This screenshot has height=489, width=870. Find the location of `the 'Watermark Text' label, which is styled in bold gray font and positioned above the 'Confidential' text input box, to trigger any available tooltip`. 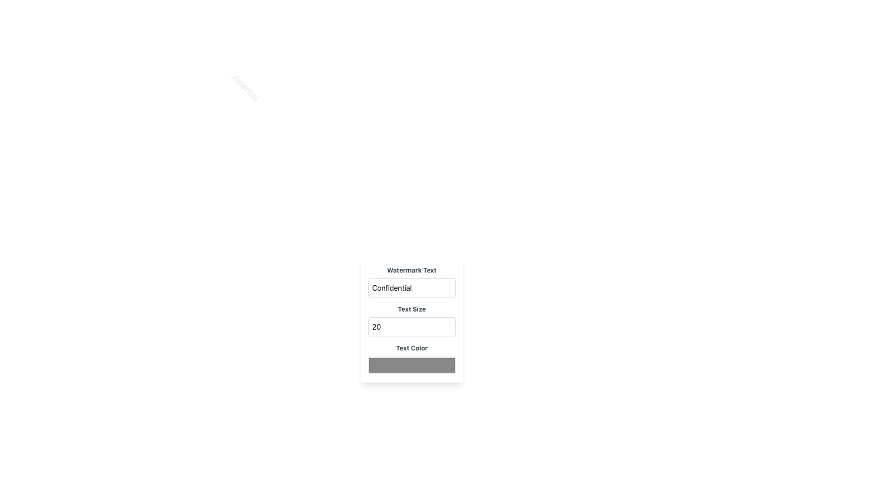

the 'Watermark Text' label, which is styled in bold gray font and positioned above the 'Confidential' text input box, to trigger any available tooltip is located at coordinates (411, 270).